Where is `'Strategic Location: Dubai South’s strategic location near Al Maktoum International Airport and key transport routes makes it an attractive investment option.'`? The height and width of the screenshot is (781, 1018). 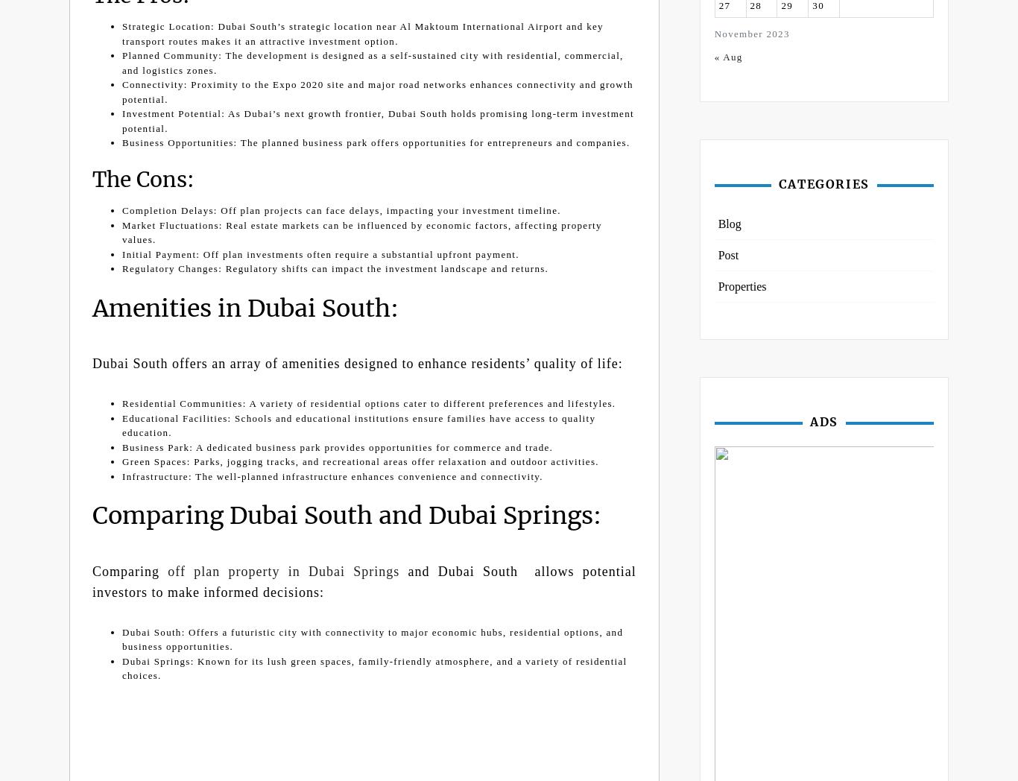 'Strategic Location: Dubai South’s strategic location near Al Maktoum International Airport and key transport routes makes it an attractive investment option.' is located at coordinates (121, 32).